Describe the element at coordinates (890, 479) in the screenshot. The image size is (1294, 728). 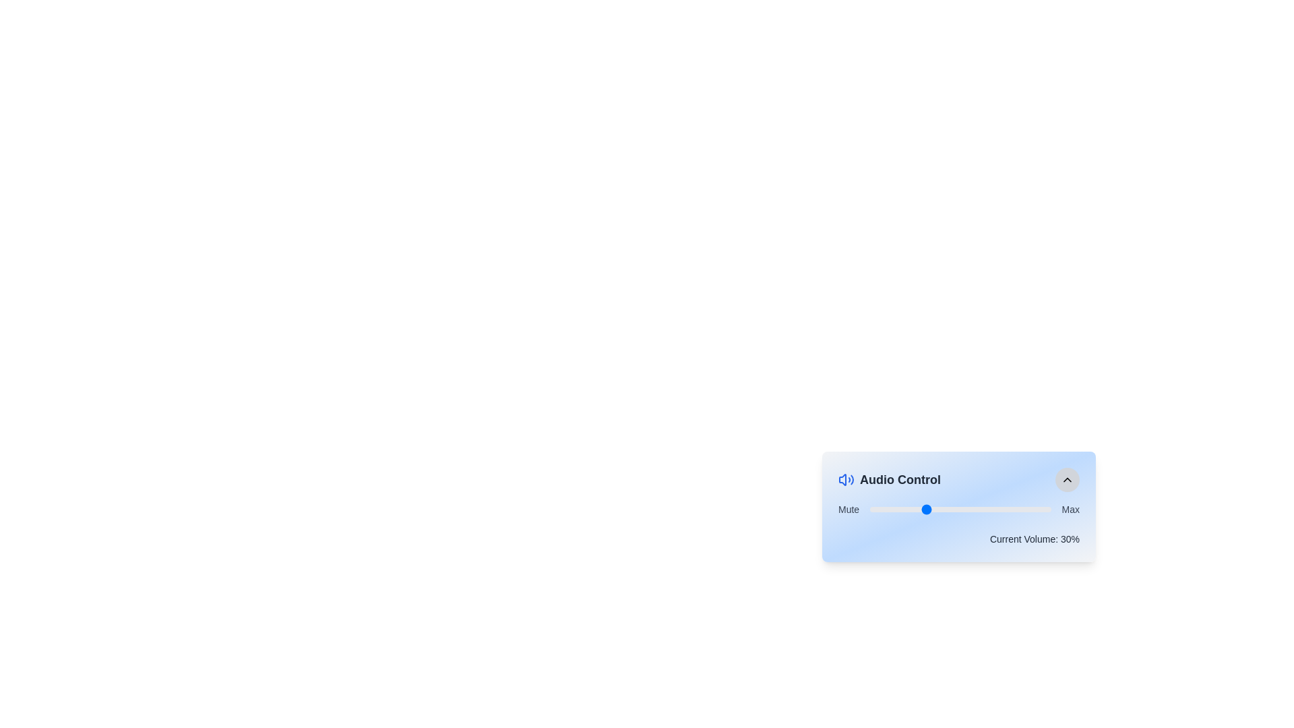
I see `the Text Label with Icon located in the top-left corner of the flexible panel` at that location.